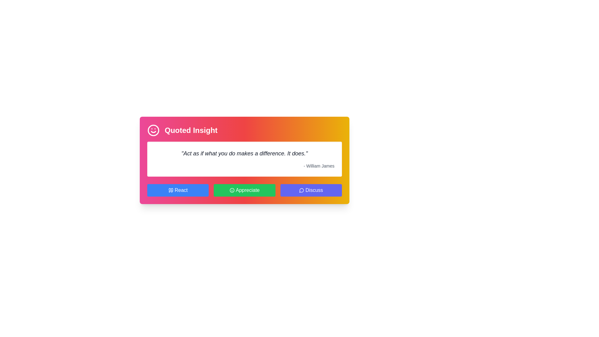 Image resolution: width=599 pixels, height=337 pixels. I want to click on the visual design of the blue speech bubble icon located to the left of the 'Discuss' button at the bottom right of the interface, so click(302, 190).